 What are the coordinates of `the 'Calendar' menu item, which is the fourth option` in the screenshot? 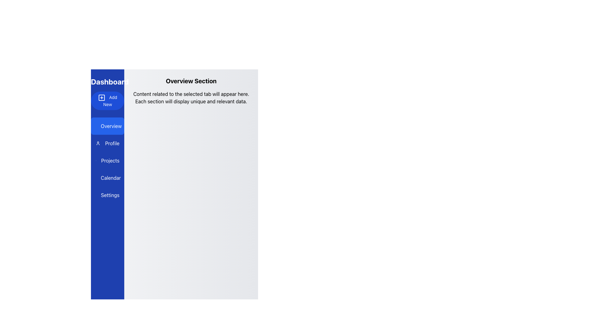 It's located at (108, 178).